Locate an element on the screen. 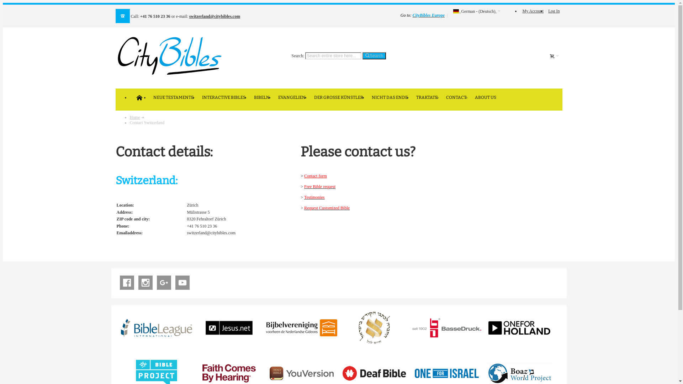 This screenshot has height=384, width=683. 'ABOUT US' is located at coordinates (485, 97).